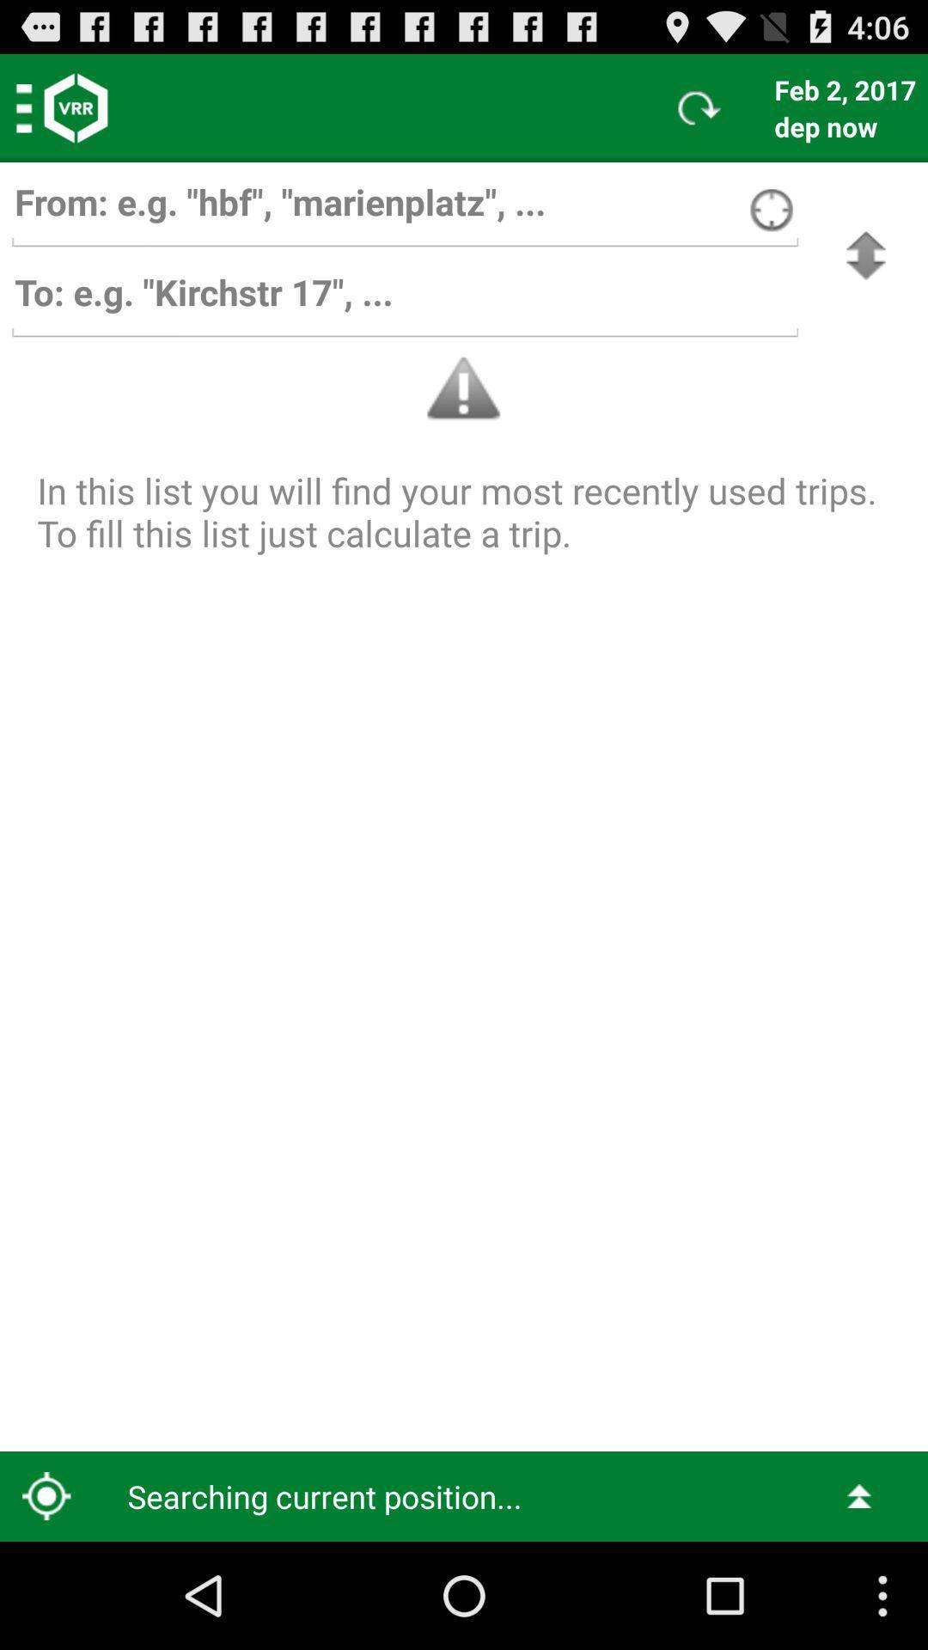 Image resolution: width=928 pixels, height=1650 pixels. What do you see at coordinates (865, 254) in the screenshot?
I see `the icon below the dep now icon` at bounding box center [865, 254].